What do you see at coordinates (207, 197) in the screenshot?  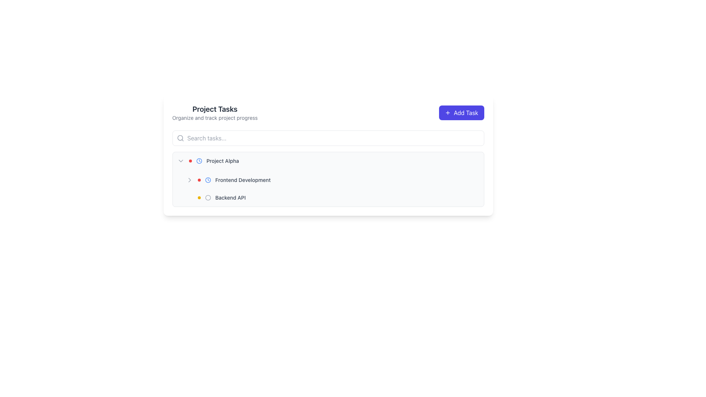 I see `the hollow circle icon with a gray border located between the yellow dot indicator and the 'Backend API' text` at bounding box center [207, 197].